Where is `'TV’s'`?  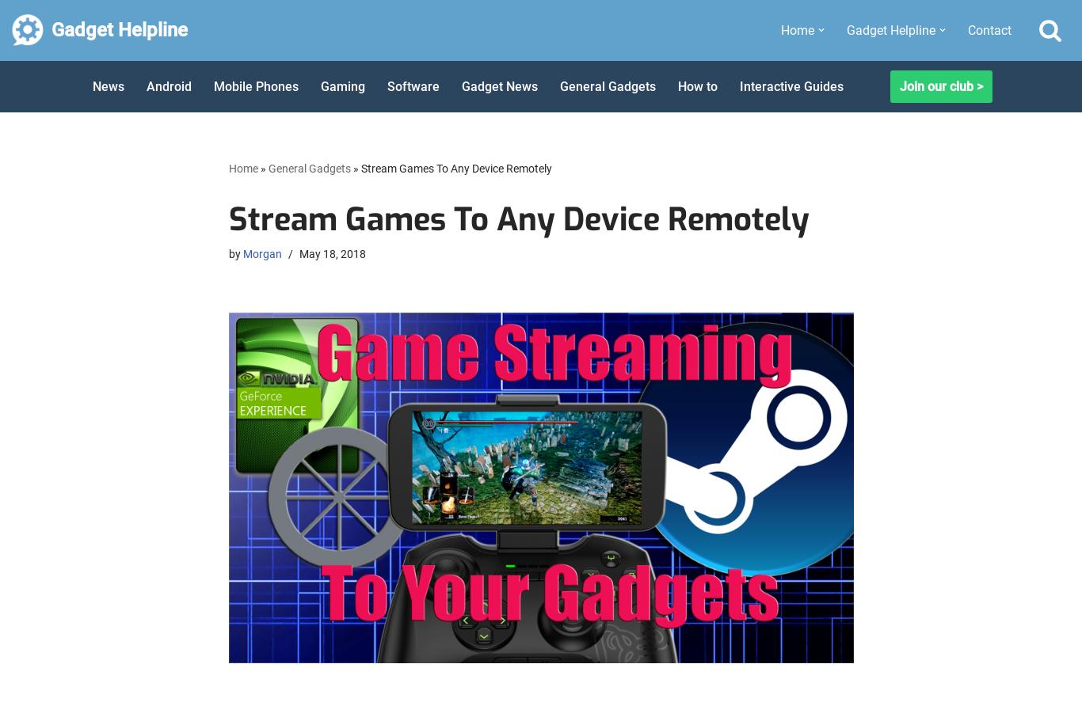 'TV’s' is located at coordinates (854, 274).